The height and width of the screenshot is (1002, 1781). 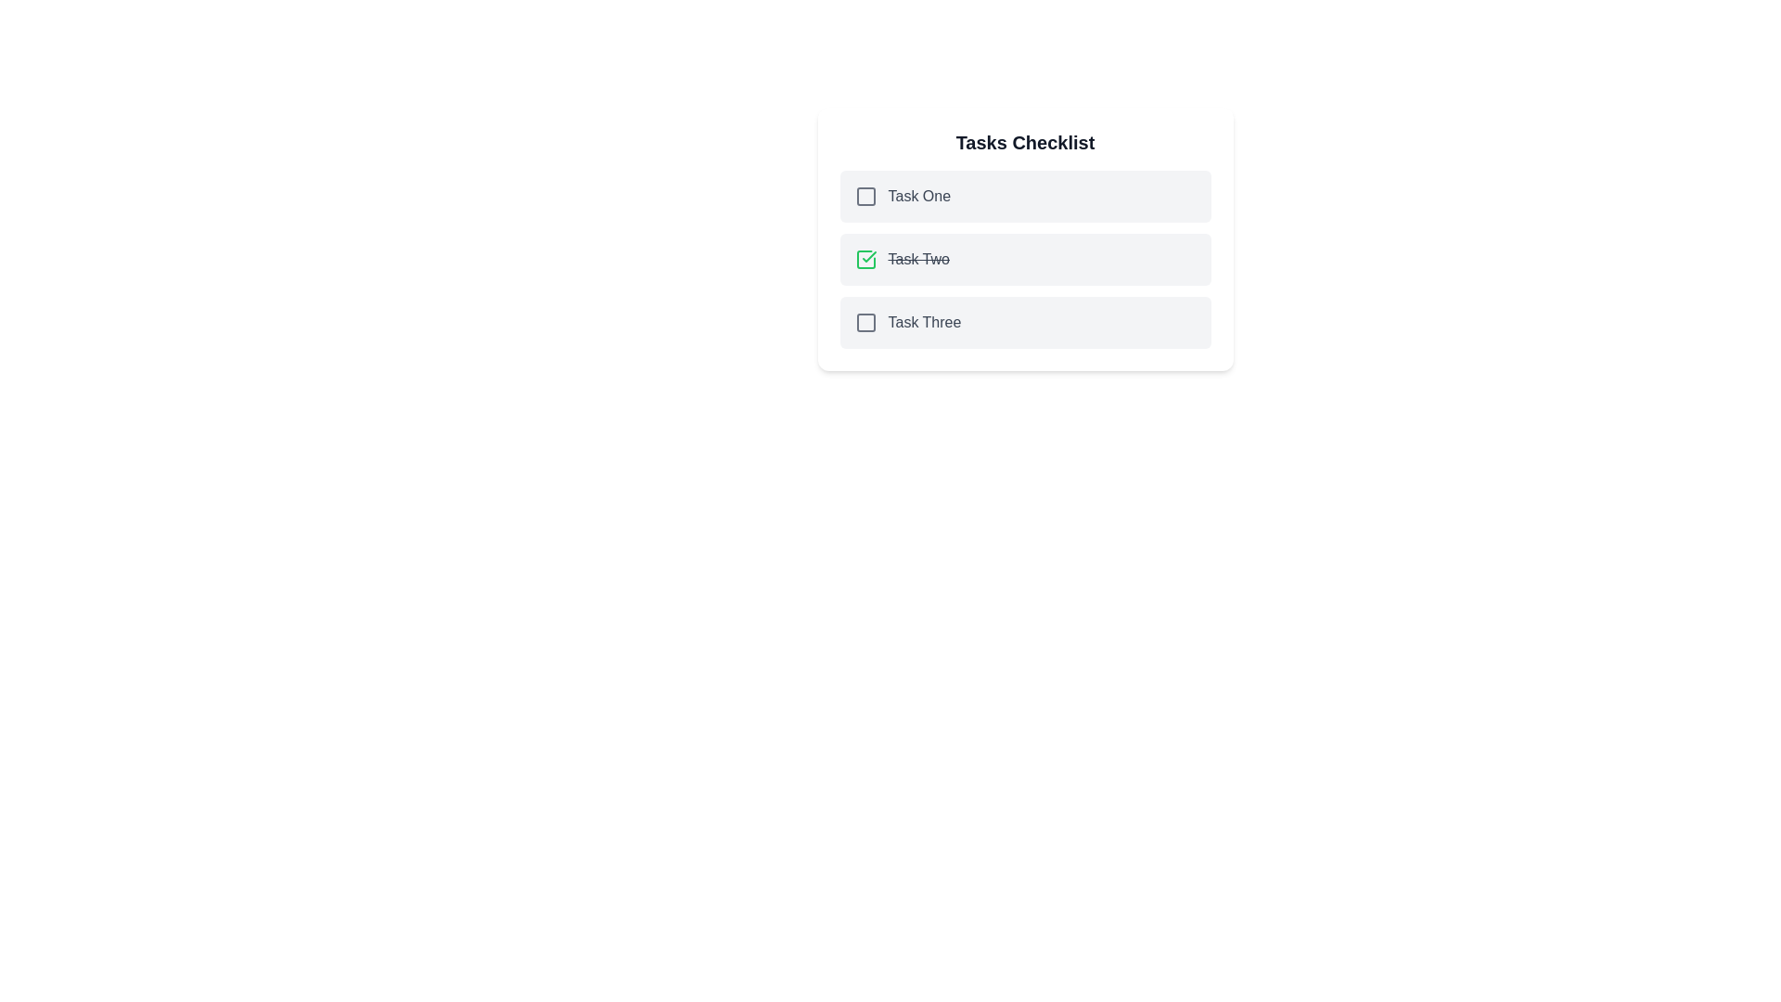 I want to click on the Square indicator icon located within the third item of the 'Tasks Checklist' interface, aligned with the text 'Task Three', so click(x=865, y=321).